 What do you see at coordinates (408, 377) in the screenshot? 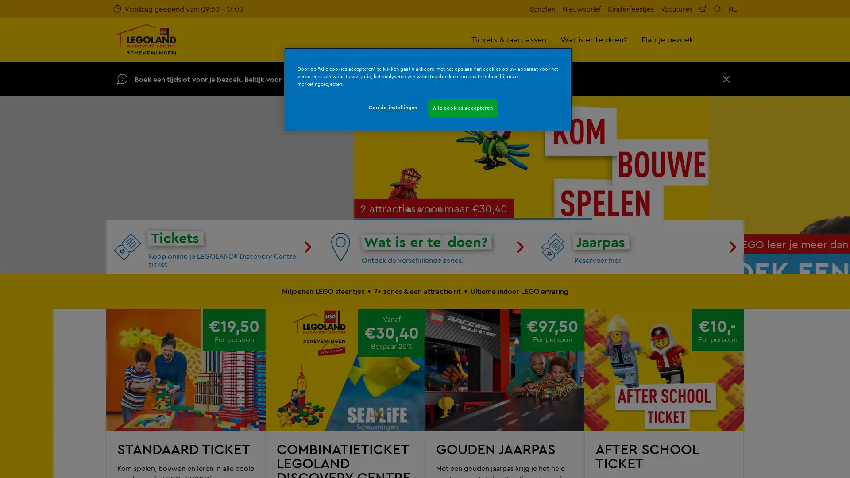
I see `Go to slide 1` at bounding box center [408, 377].